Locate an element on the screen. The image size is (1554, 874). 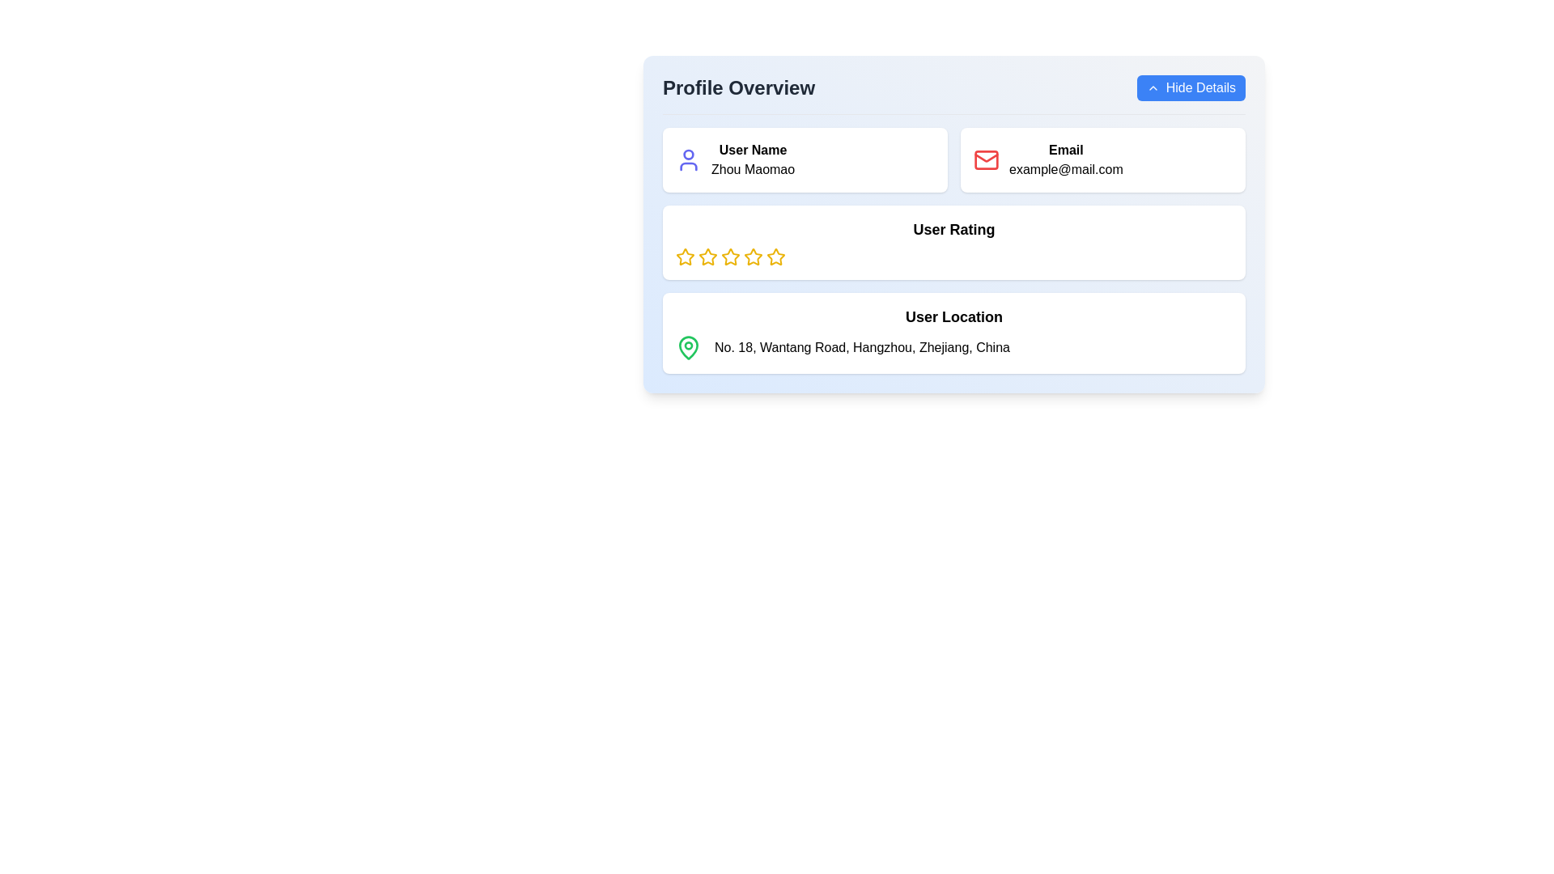
the lower curved part of the user icon located in the profile section, which is part of a vector graphic in the SVG file is located at coordinates (688, 166).